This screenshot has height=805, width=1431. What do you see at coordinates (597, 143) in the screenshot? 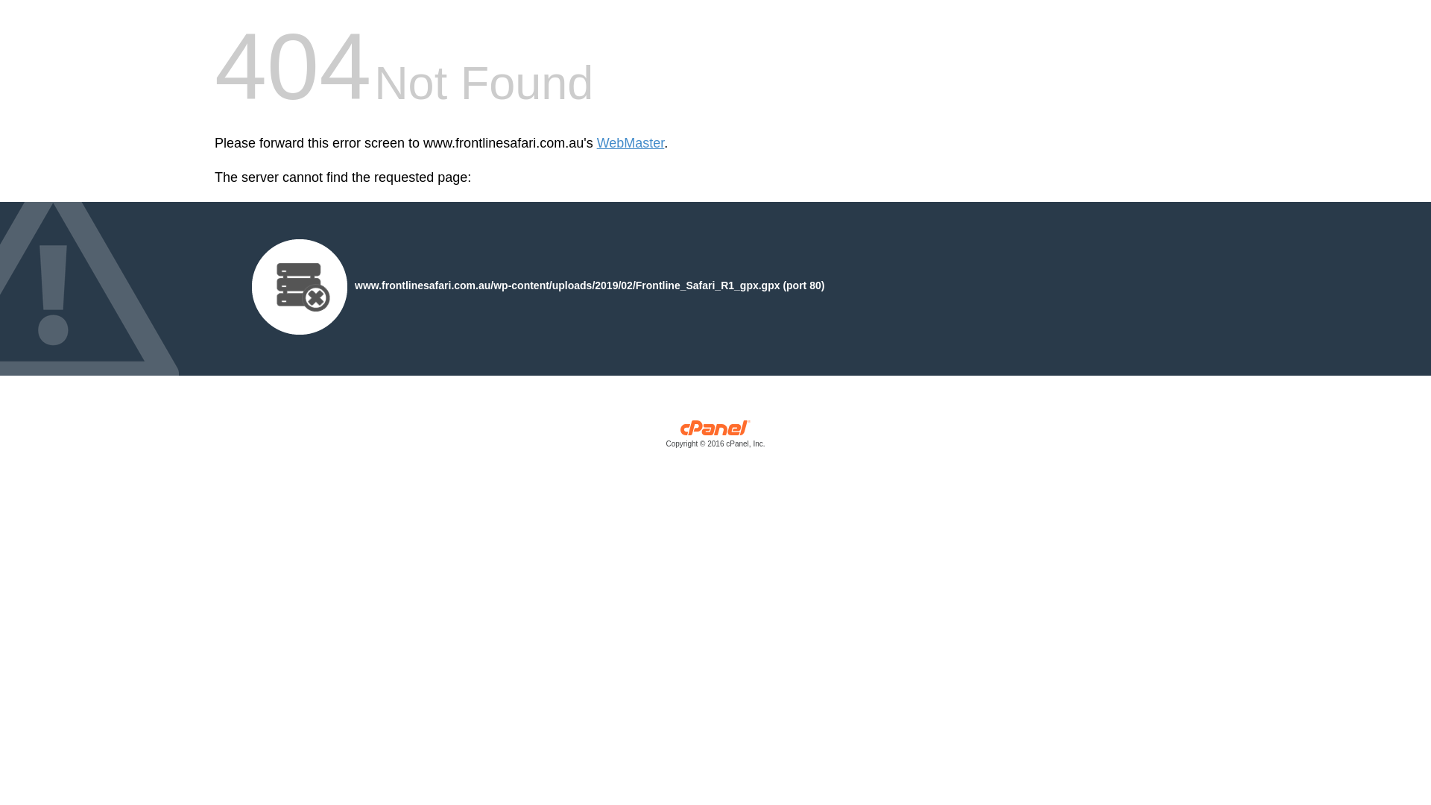
I see `'WebMaster'` at bounding box center [597, 143].